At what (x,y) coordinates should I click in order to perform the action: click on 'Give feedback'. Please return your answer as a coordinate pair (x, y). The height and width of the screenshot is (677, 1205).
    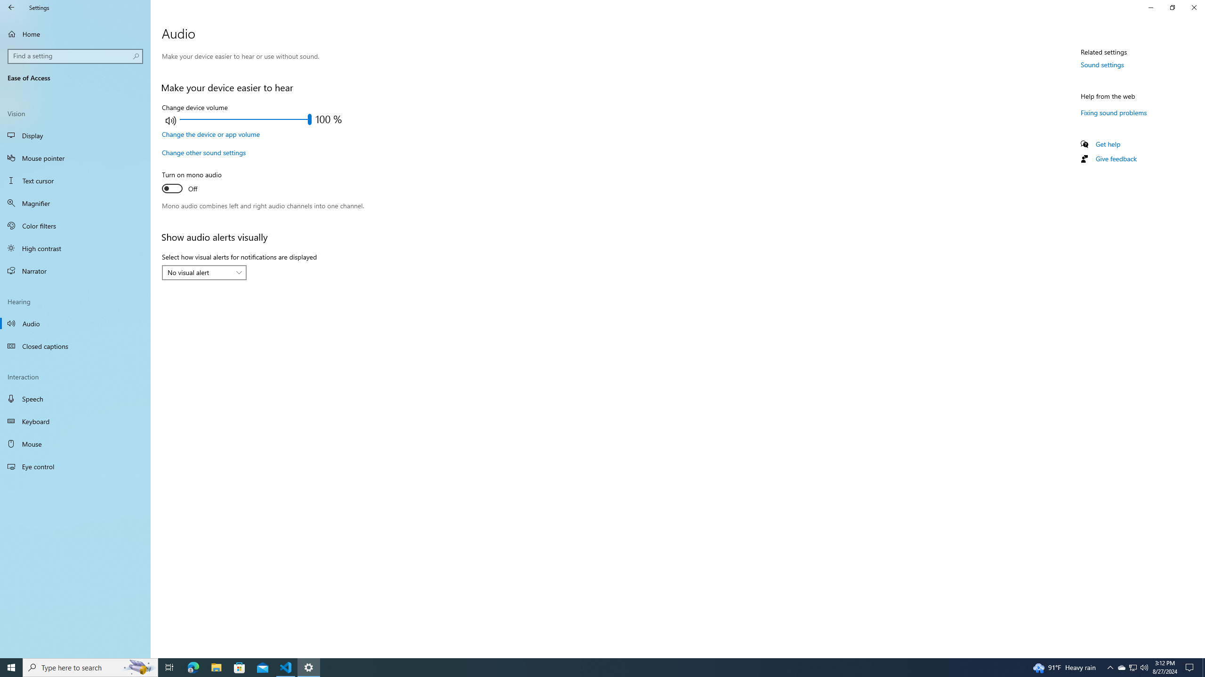
    Looking at the image, I should click on (1115, 158).